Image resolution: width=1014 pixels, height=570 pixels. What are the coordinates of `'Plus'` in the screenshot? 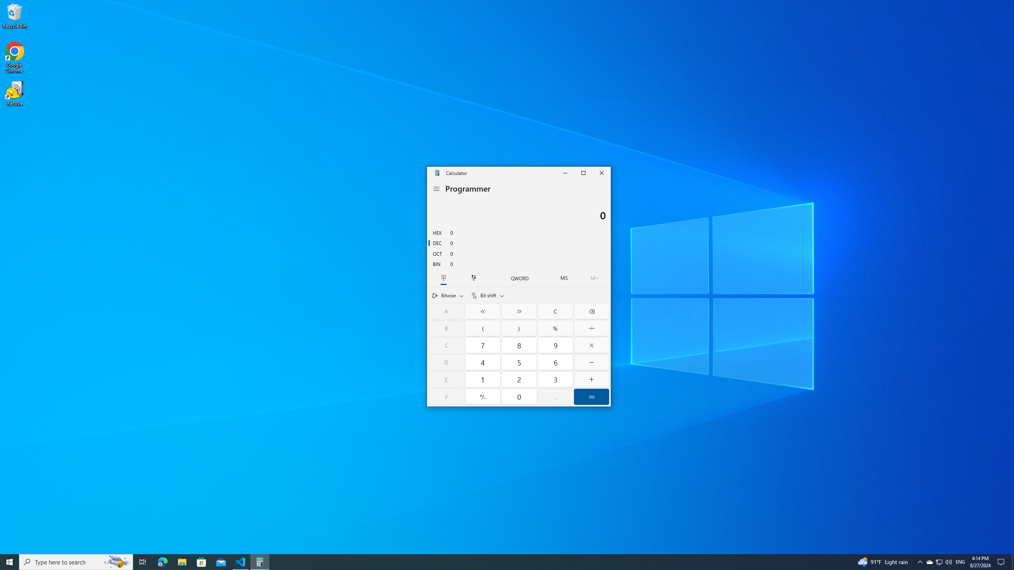 It's located at (591, 379).